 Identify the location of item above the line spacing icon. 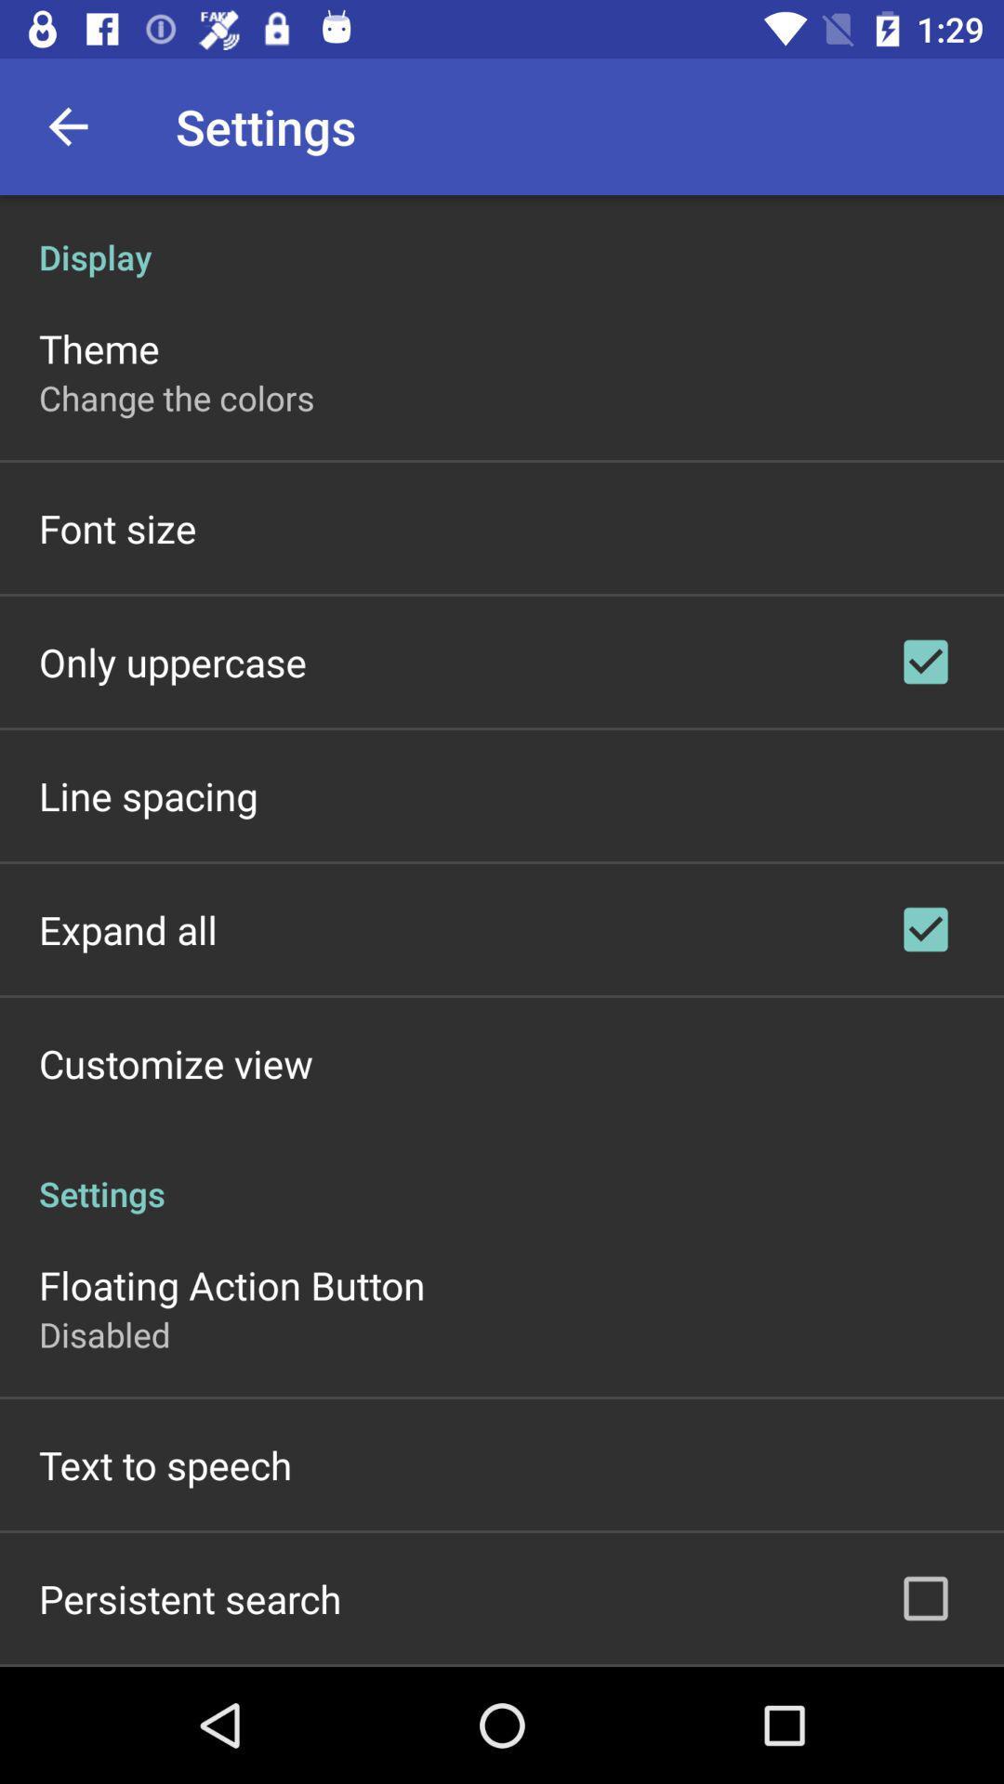
(172, 662).